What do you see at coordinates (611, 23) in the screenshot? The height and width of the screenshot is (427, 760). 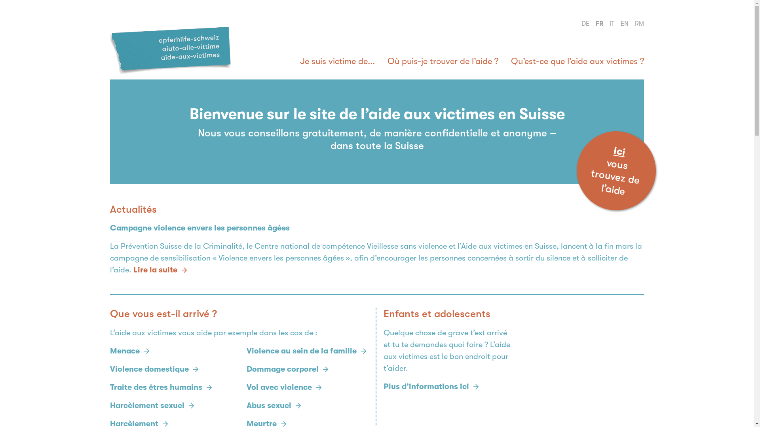 I see `'IT'` at bounding box center [611, 23].